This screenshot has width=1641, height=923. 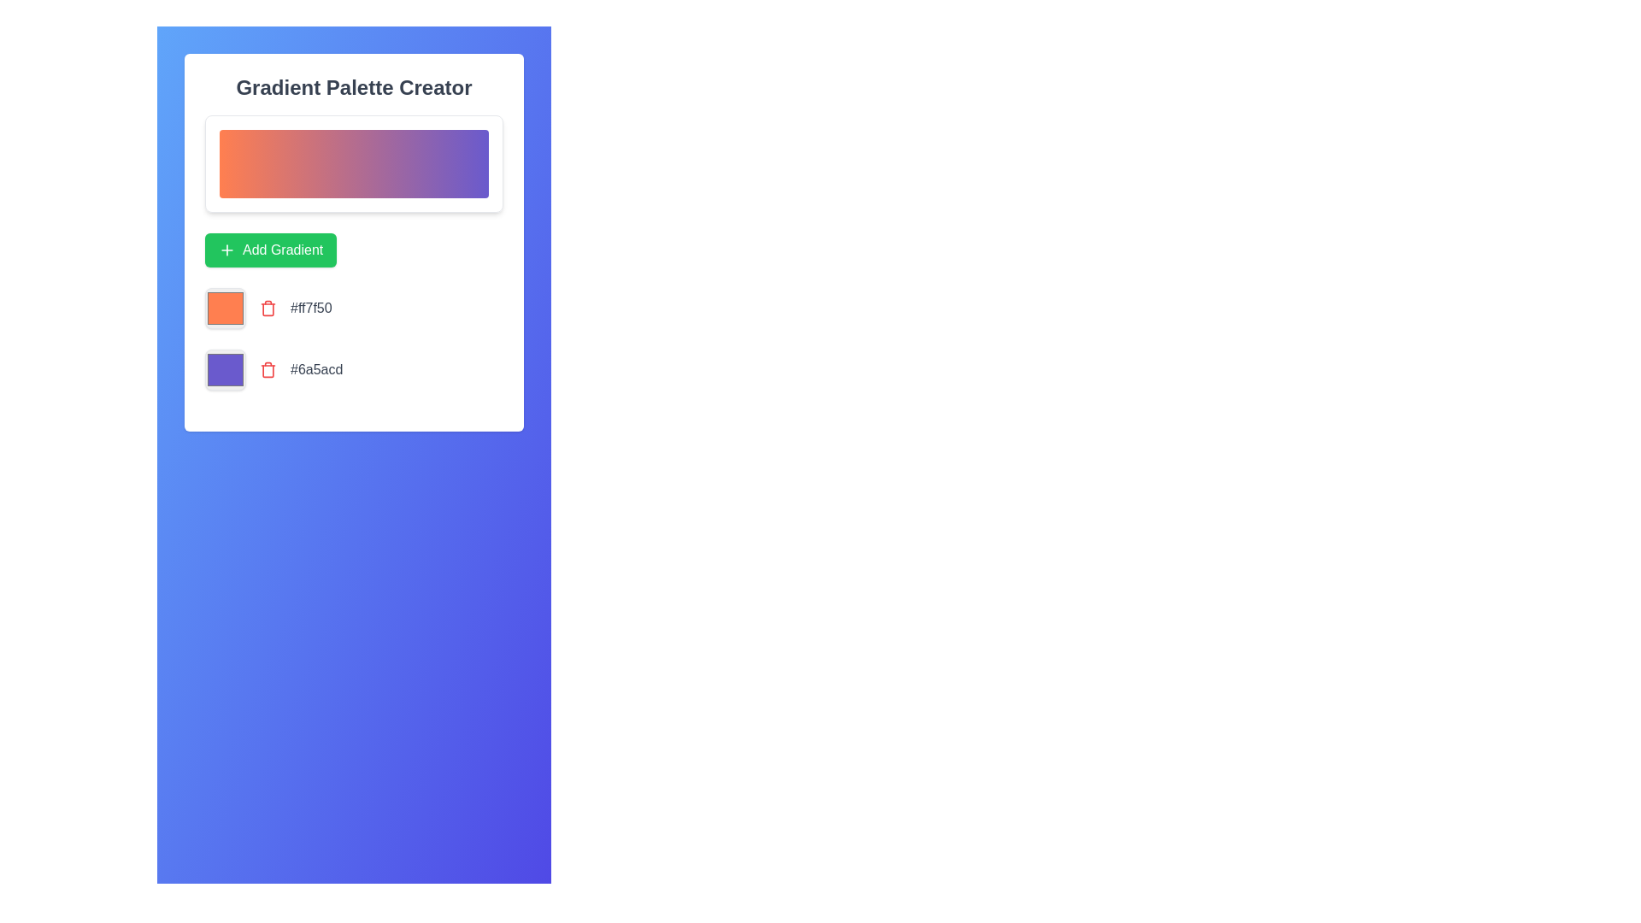 What do you see at coordinates (353, 368) in the screenshot?
I see `the color swatch in the interactive color option located below the 'Add Gradient' button` at bounding box center [353, 368].